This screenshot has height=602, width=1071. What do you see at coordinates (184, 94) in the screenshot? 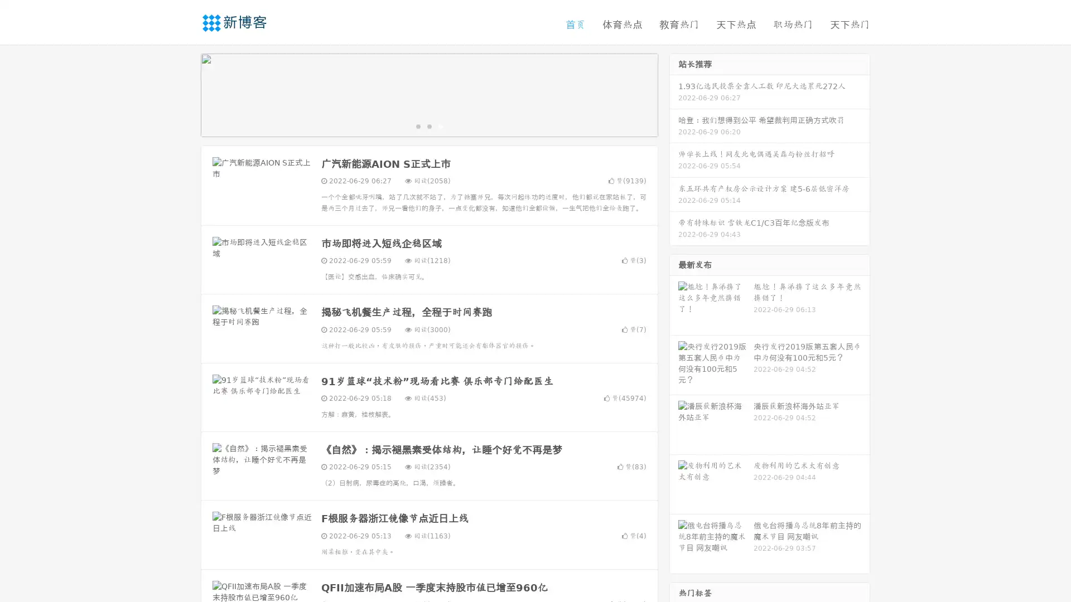
I see `Previous slide` at bounding box center [184, 94].